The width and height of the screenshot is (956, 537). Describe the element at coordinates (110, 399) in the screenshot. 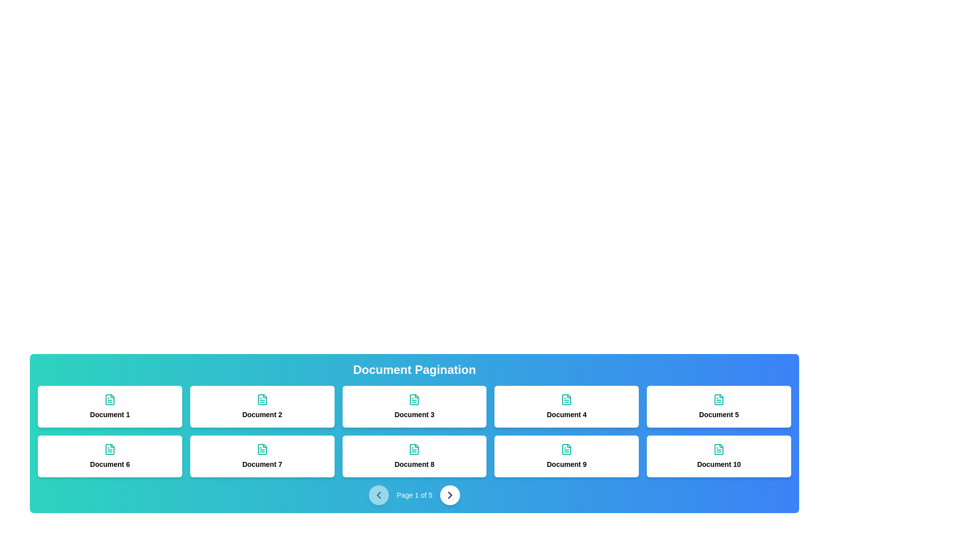

I see `the document icon representing 'Document 1' in the first grid section of documents` at that location.